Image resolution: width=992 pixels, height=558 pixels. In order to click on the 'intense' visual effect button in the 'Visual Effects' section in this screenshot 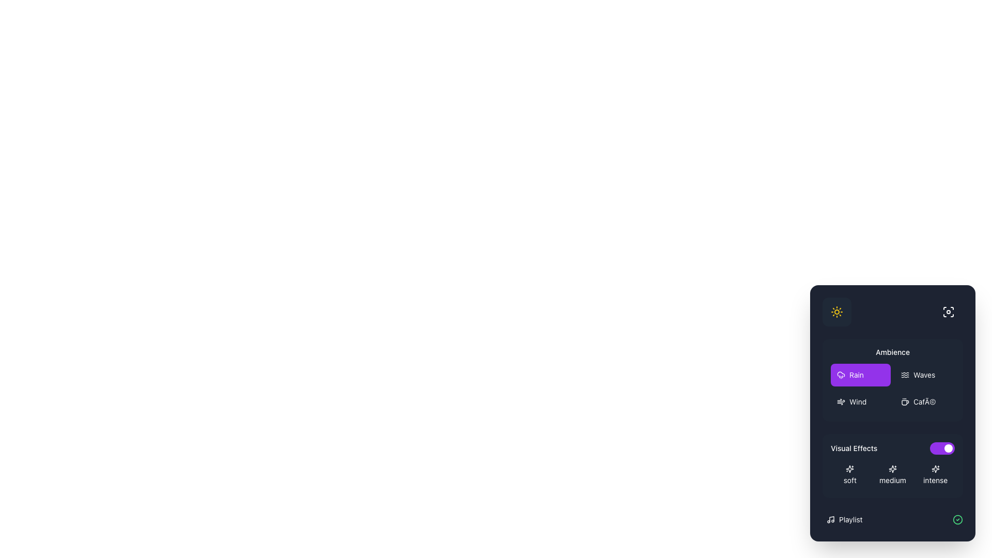, I will do `click(935, 475)`.